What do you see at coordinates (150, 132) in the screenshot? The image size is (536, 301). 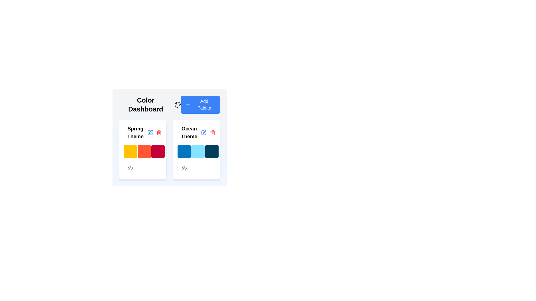 I see `the button that initiates editing actions for the 'Spring Theme' palette, located in the upper right corner of the panel between the 'Spring Theme' label and a delete icon` at bounding box center [150, 132].